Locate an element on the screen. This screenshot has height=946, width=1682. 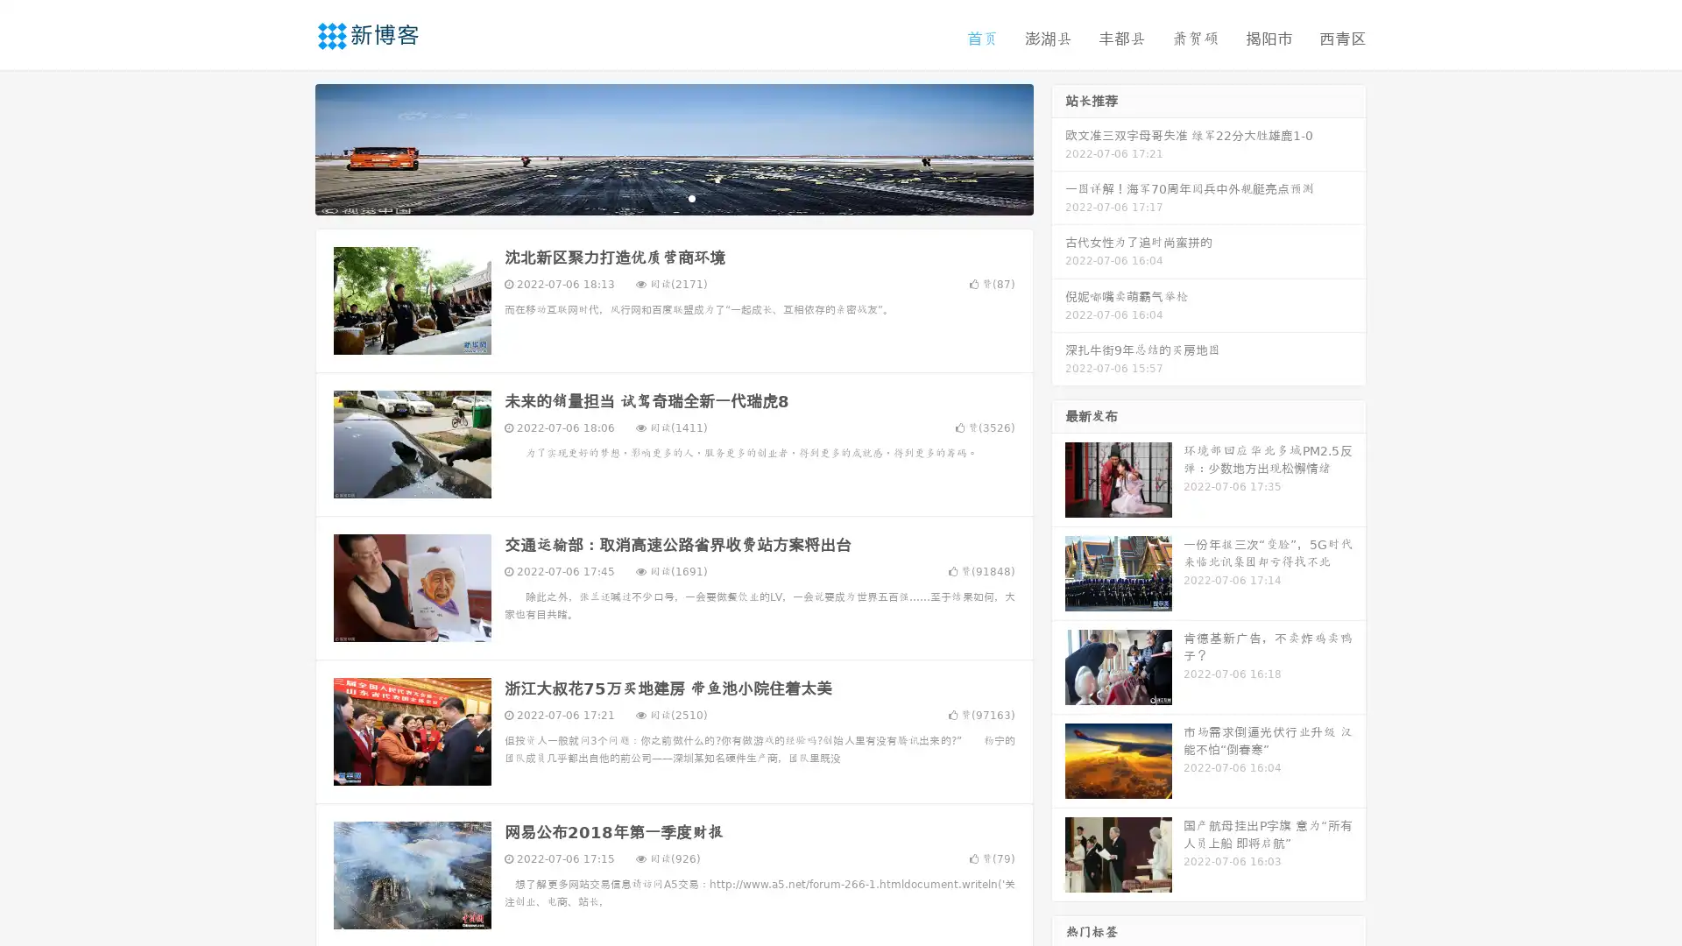
Previous slide is located at coordinates (289, 147).